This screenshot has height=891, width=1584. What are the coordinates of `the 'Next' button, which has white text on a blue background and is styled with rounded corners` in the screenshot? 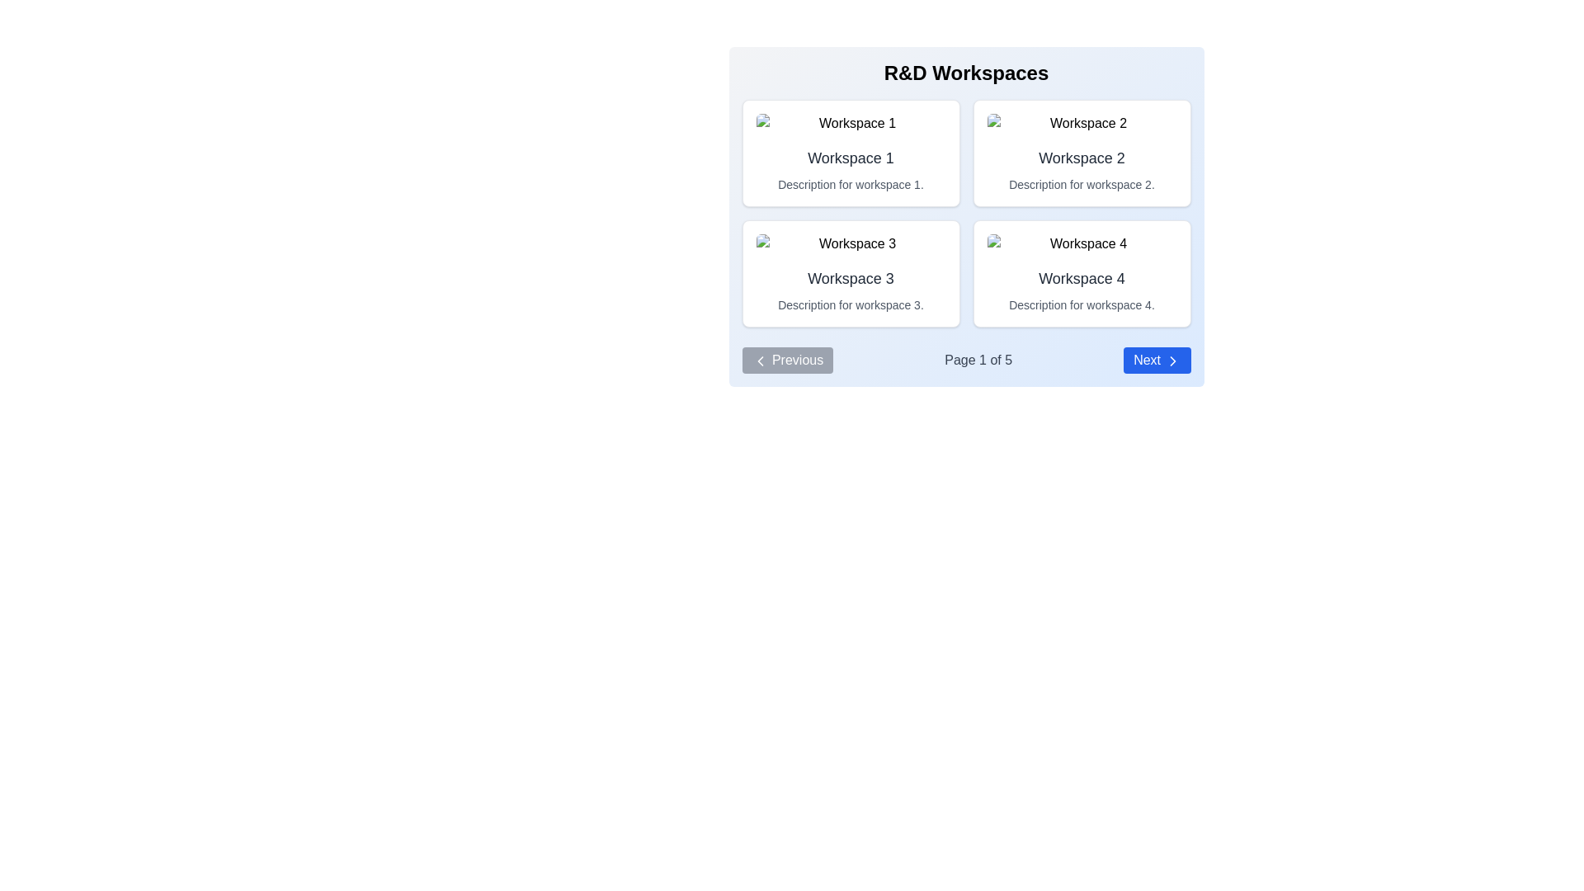 It's located at (1156, 359).